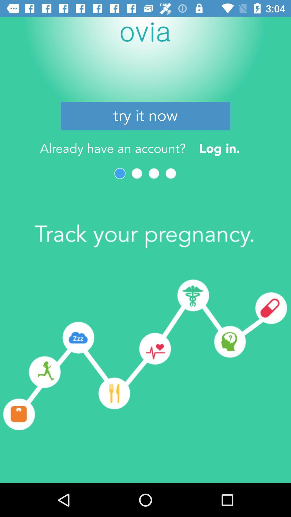 The image size is (291, 517). Describe the element at coordinates (120, 173) in the screenshot. I see `icon below already have an item` at that location.